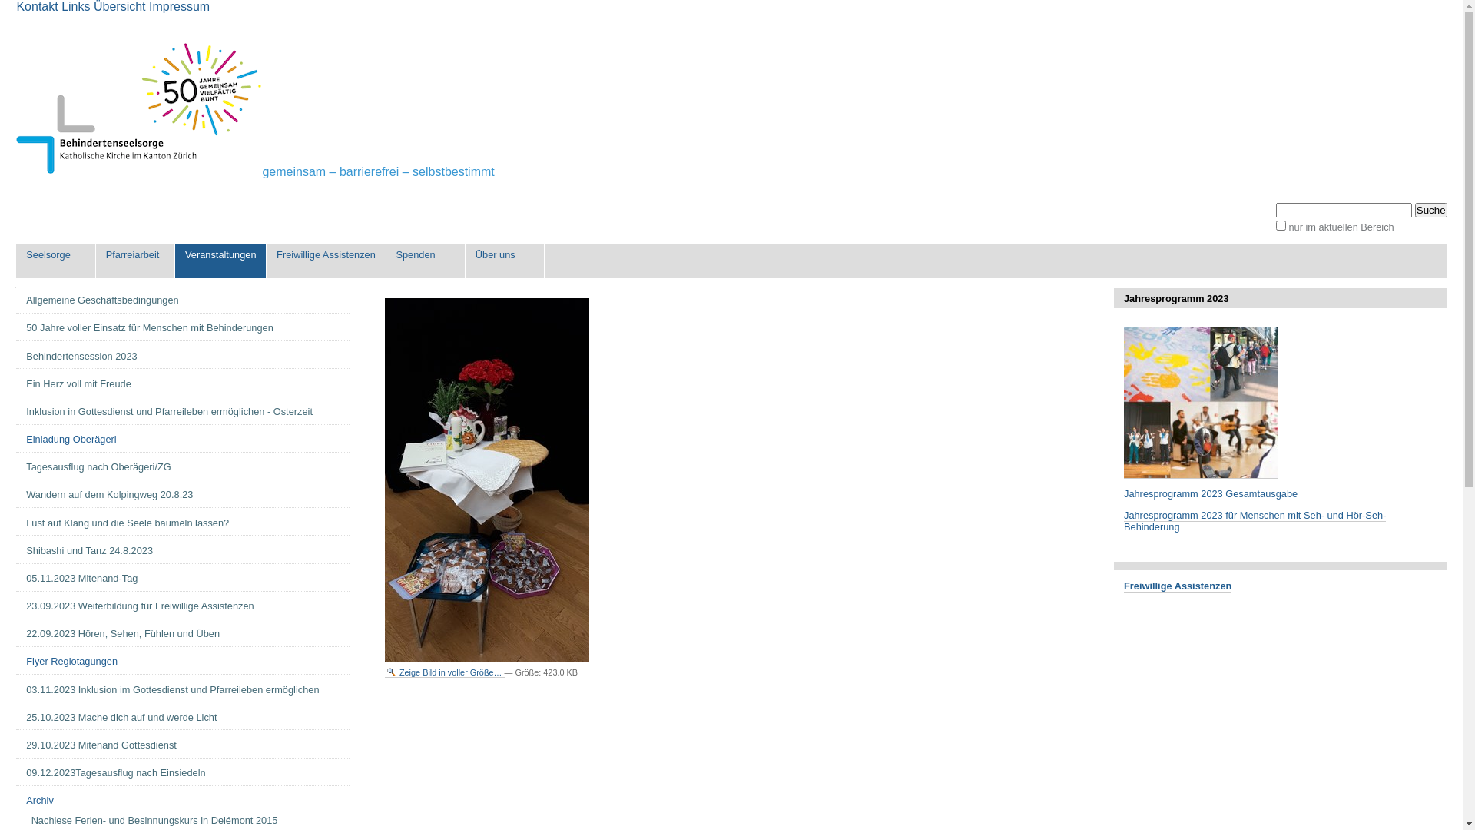 The width and height of the screenshot is (1475, 830). What do you see at coordinates (183, 356) in the screenshot?
I see `'Behindertensession 2023'` at bounding box center [183, 356].